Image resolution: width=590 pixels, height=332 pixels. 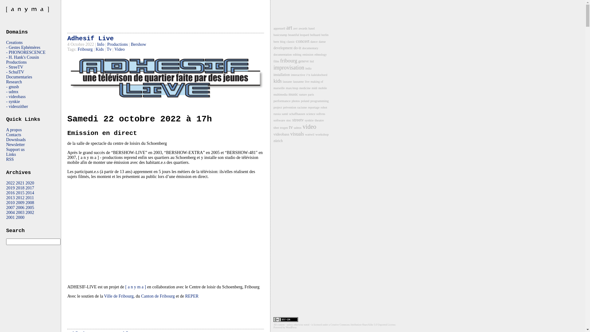 I want to click on 'performance', so click(x=281, y=100).